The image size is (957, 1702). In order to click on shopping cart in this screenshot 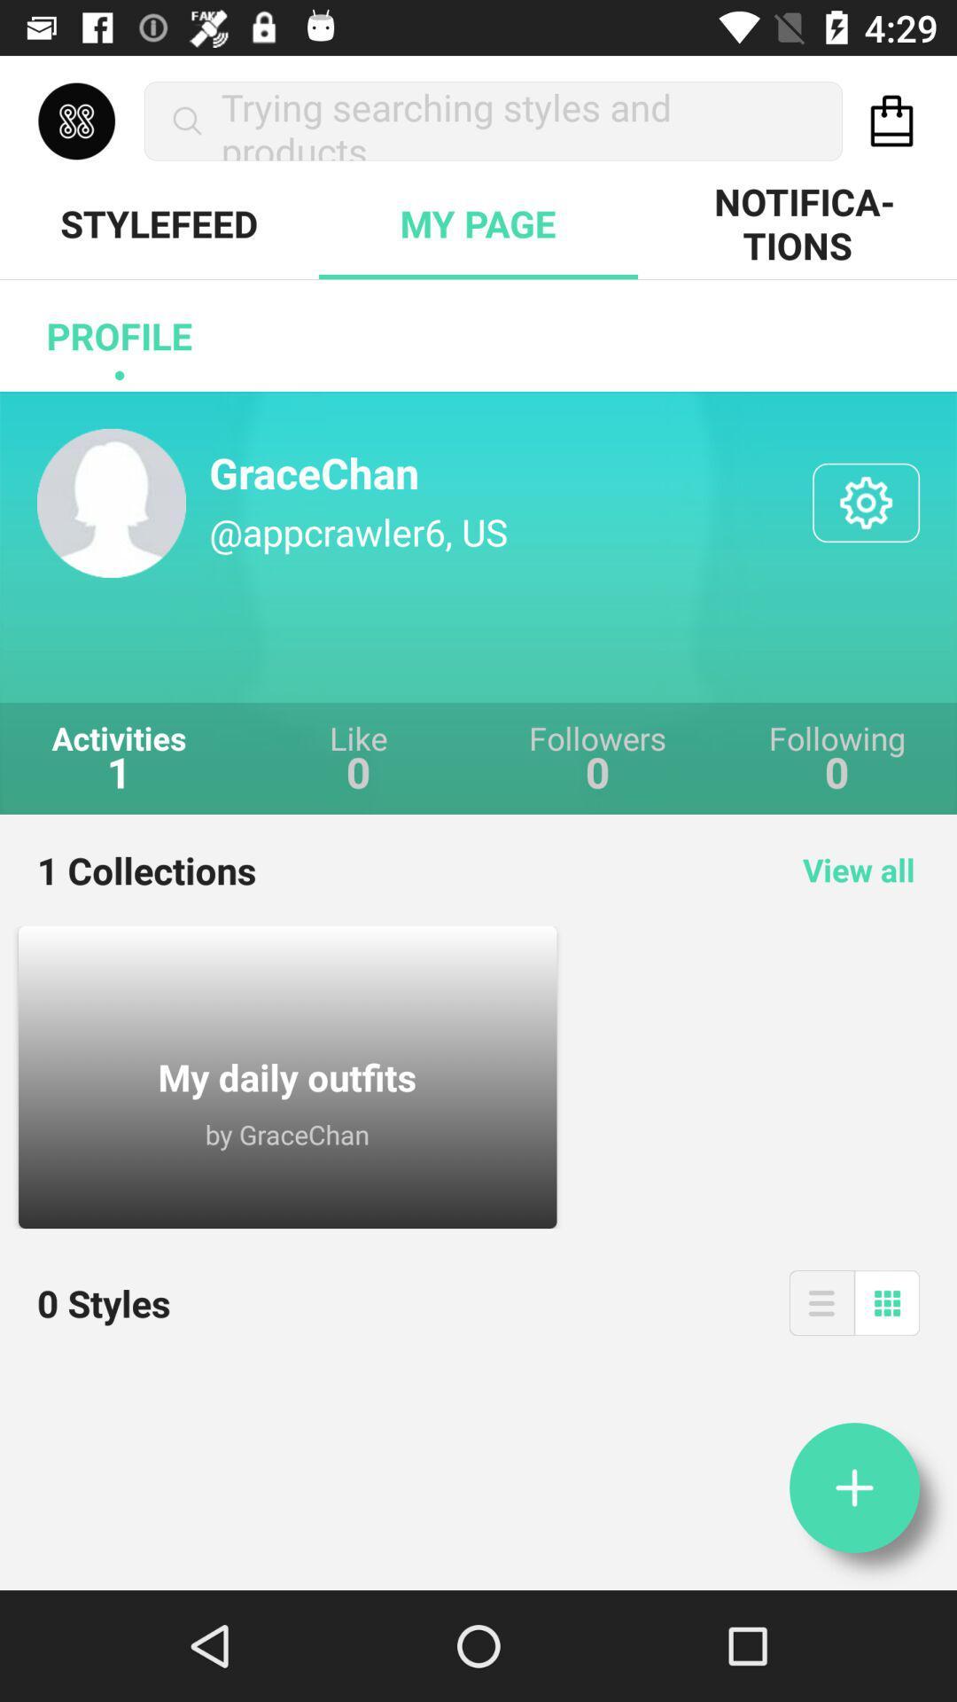, I will do `click(891, 120)`.